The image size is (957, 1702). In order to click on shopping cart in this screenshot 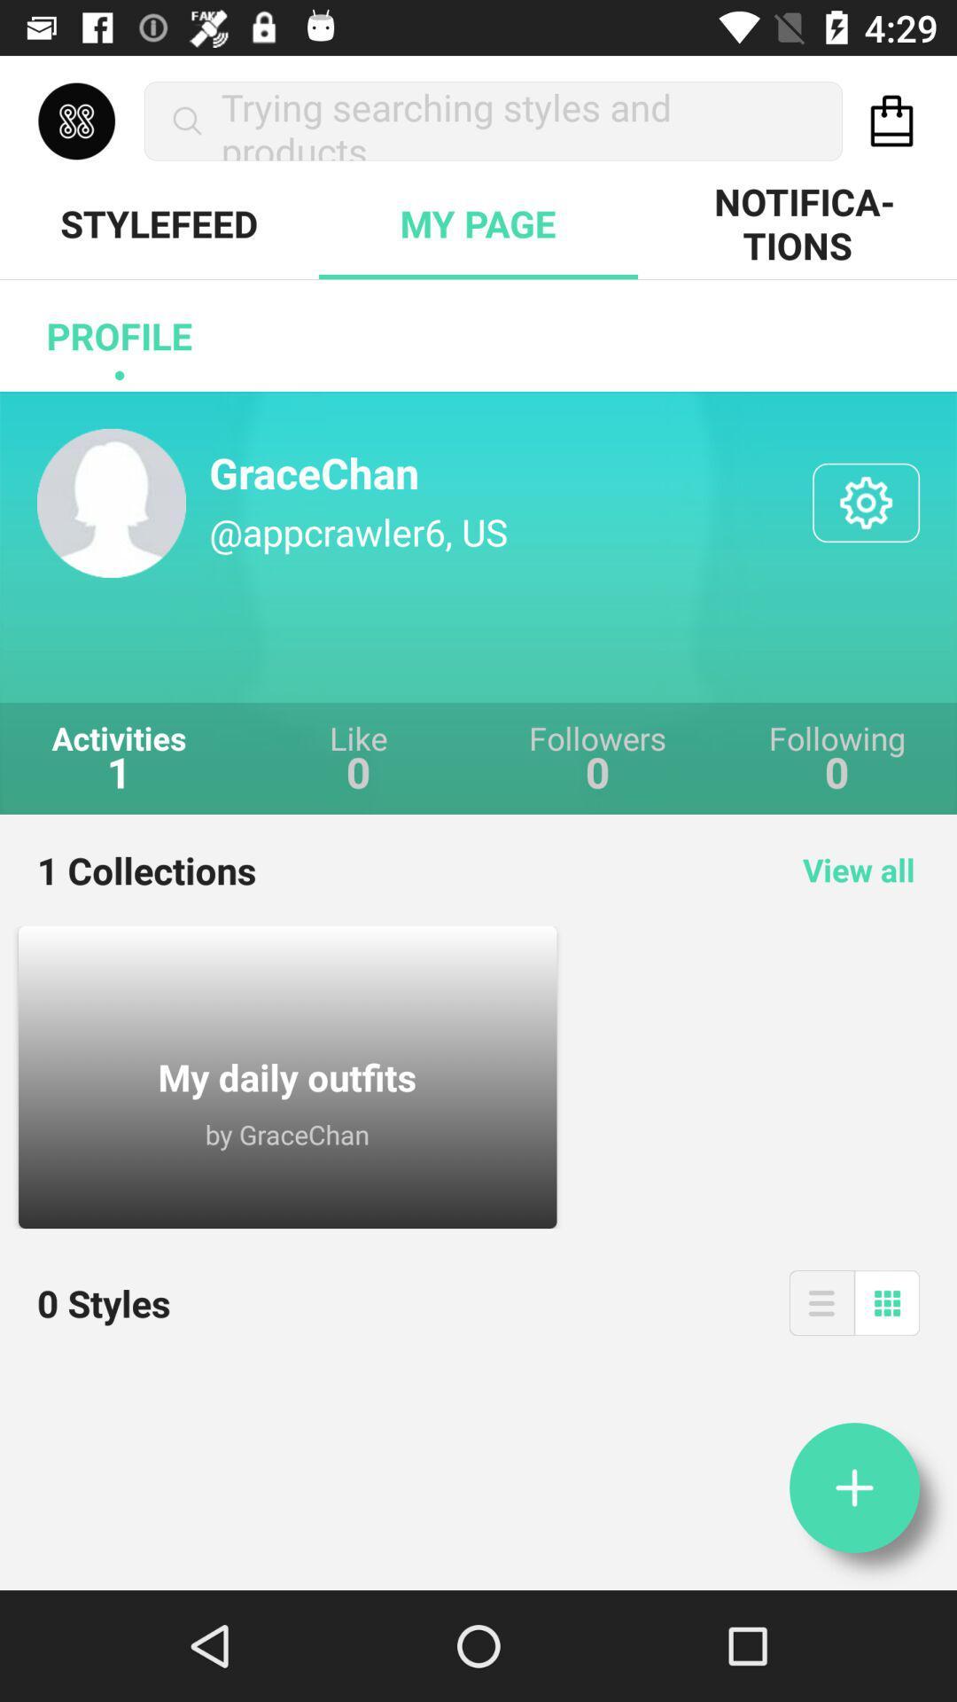, I will do `click(891, 120)`.